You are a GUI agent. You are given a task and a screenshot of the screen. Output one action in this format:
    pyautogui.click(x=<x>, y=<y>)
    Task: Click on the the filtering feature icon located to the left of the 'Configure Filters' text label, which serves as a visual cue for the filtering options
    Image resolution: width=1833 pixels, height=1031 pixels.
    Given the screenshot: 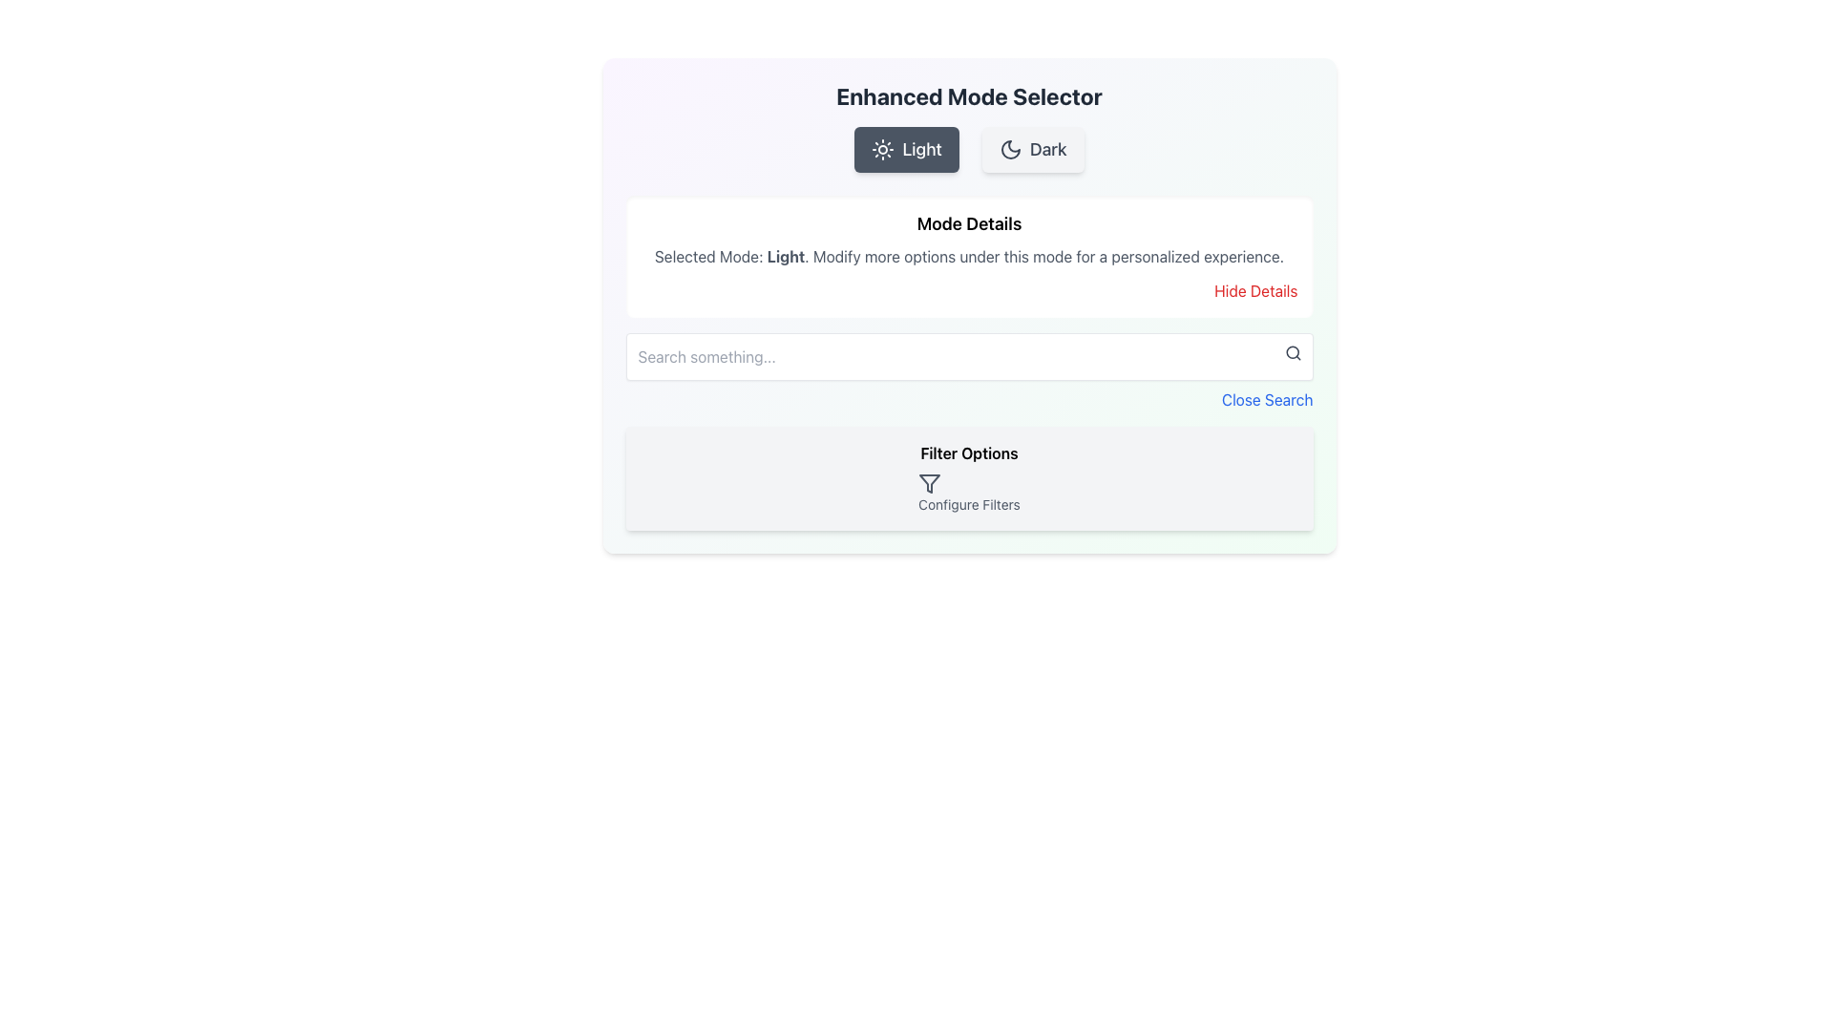 What is the action you would take?
    pyautogui.click(x=930, y=482)
    